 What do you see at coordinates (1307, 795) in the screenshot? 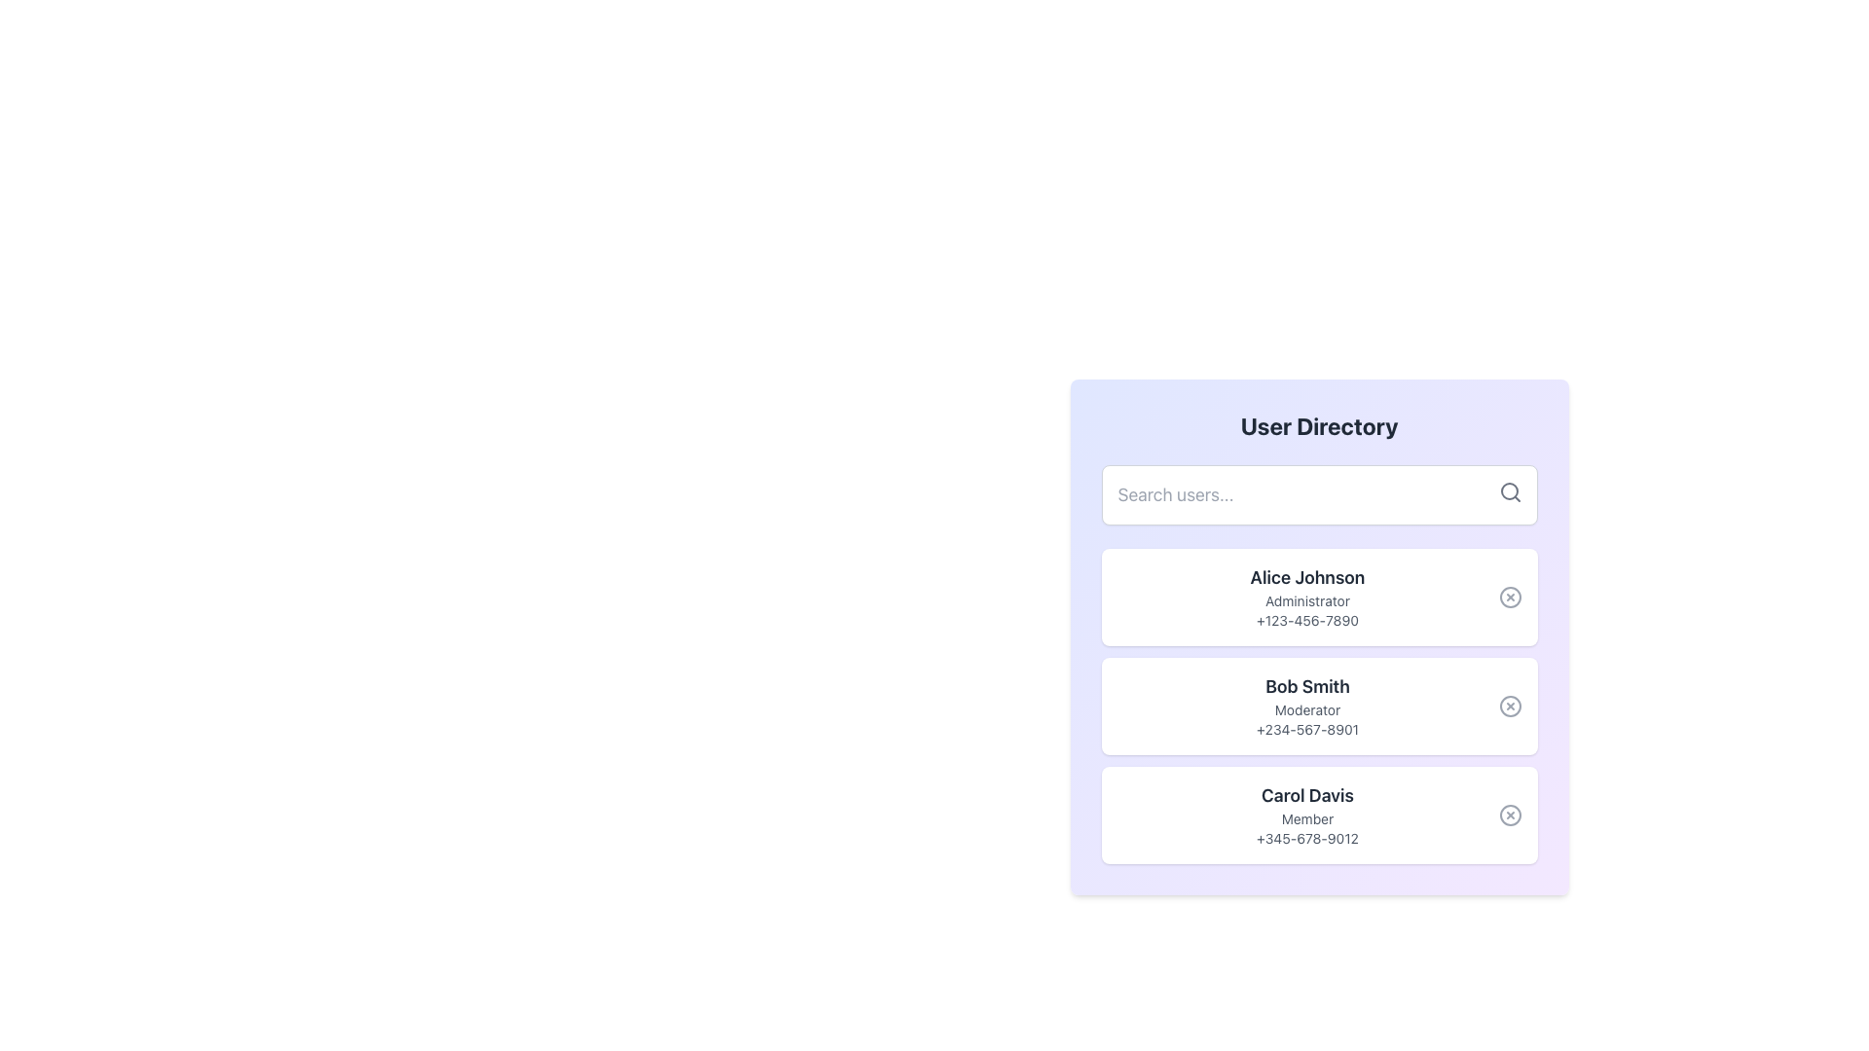
I see `the bold header text 'Carol Davis' in dark gray color` at bounding box center [1307, 795].